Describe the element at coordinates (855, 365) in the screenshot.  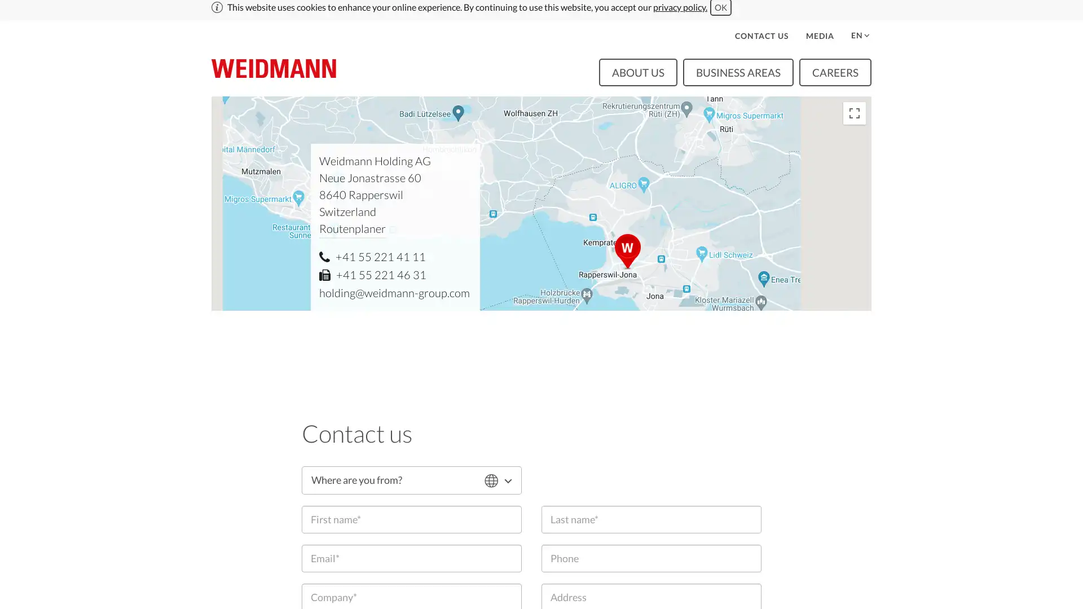
I see `Zoom in` at that location.